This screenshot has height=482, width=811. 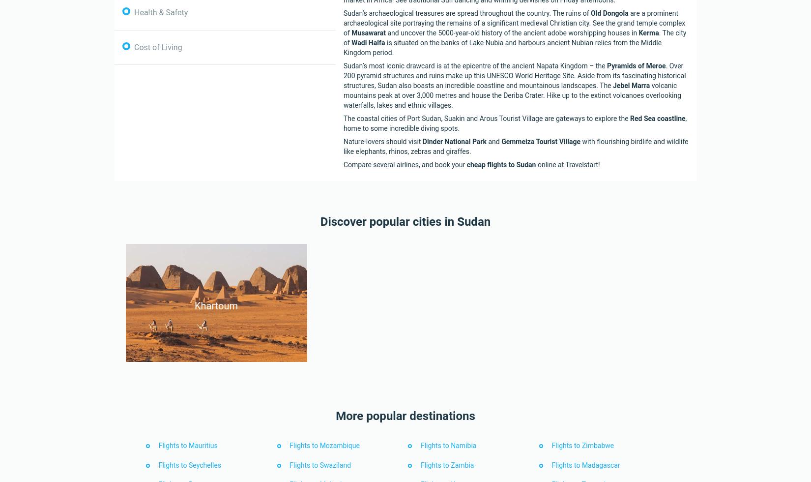 I want to click on 'Health & Safety', so click(x=134, y=12).